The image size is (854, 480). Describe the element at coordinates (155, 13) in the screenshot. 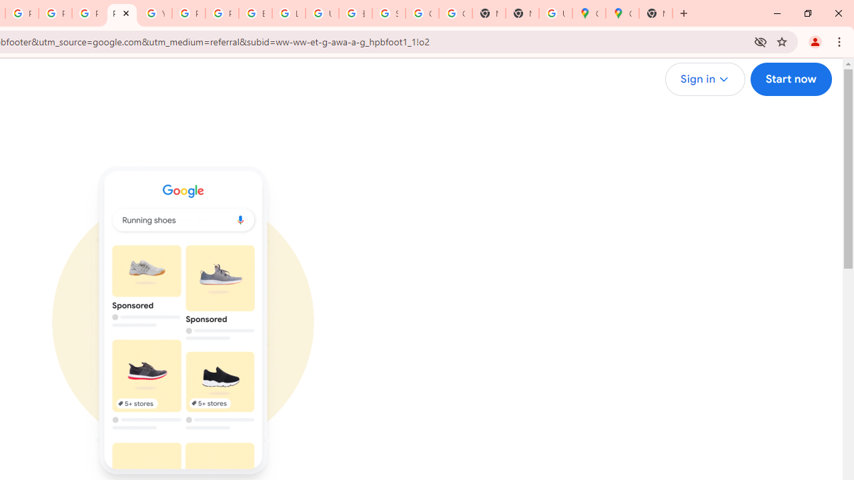

I see `'YouTube'` at that location.